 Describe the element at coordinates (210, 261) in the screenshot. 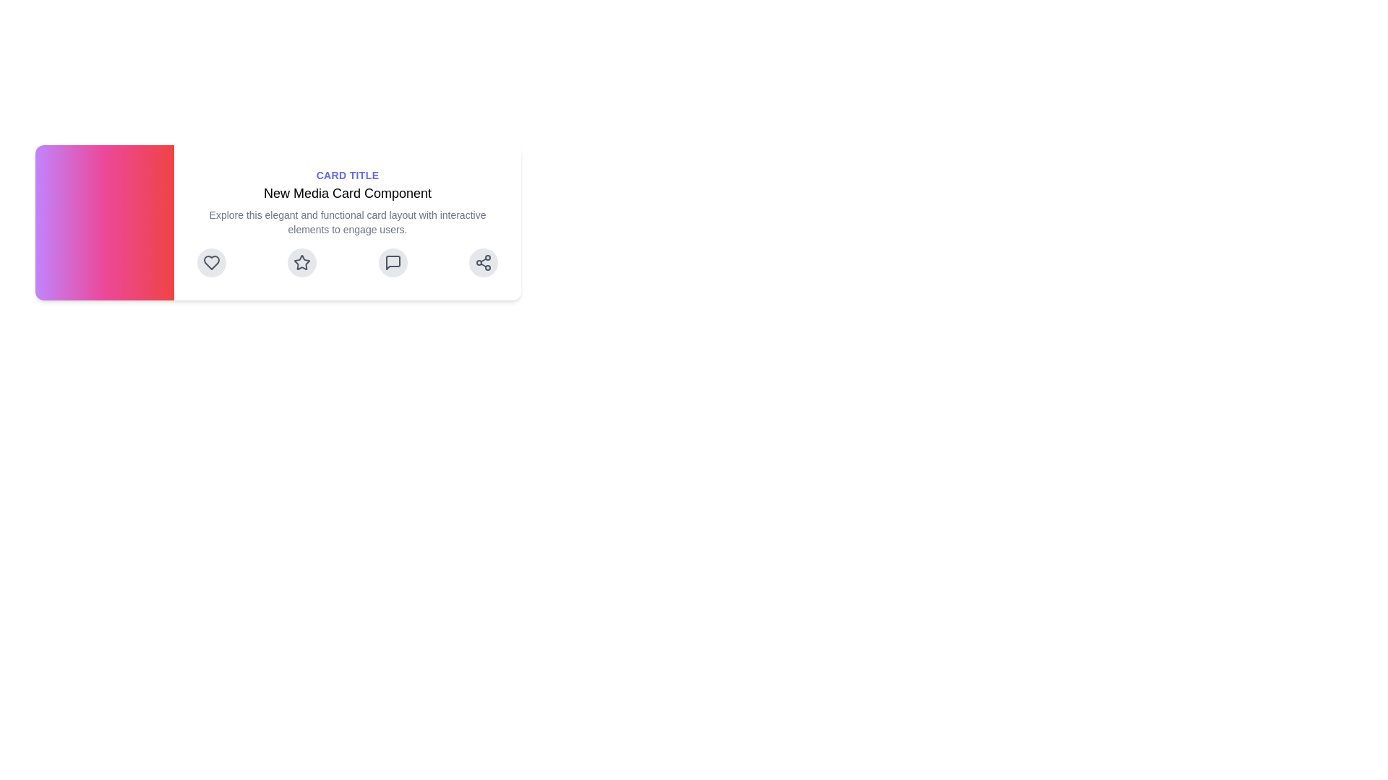

I see `the heart-shaped icon at the far left of the horizontal lineup to like or favorite it` at that location.